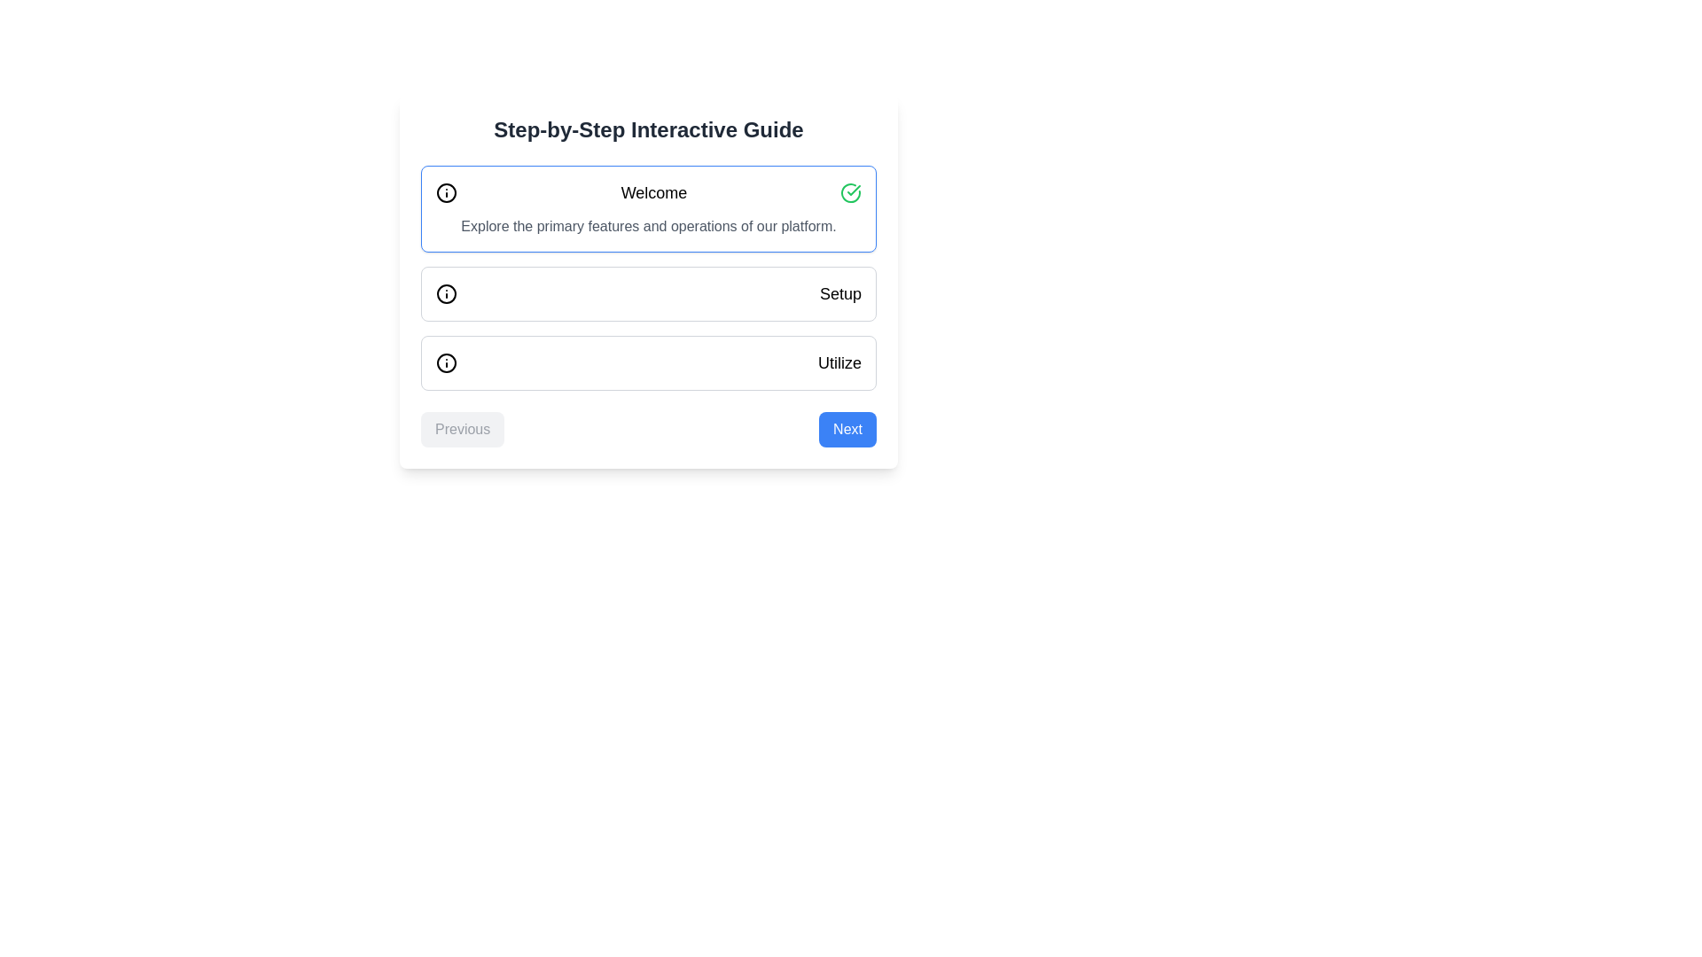 The width and height of the screenshot is (1702, 957). What do you see at coordinates (447, 193) in the screenshot?
I see `the SVG circle element that serves as a decorative boundary in the informational icon, positioned above the word 'Welcome'` at bounding box center [447, 193].